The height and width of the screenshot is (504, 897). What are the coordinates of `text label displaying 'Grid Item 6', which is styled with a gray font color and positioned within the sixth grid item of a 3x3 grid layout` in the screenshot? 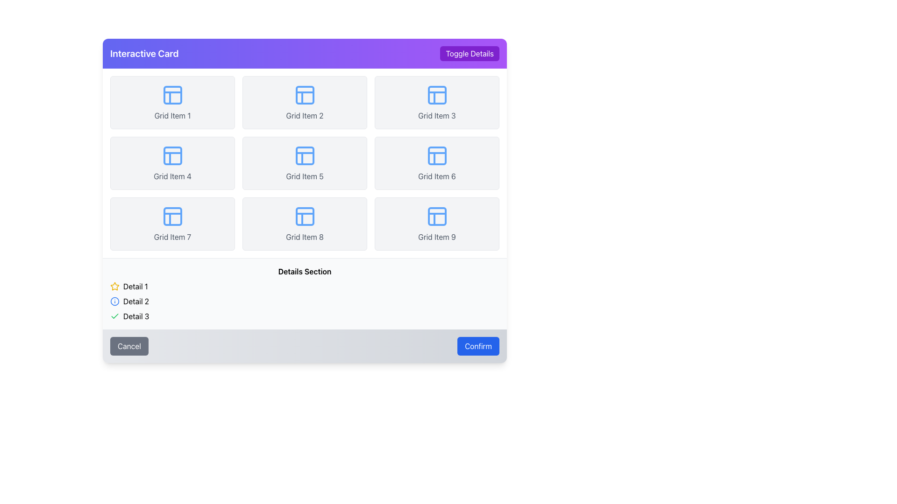 It's located at (436, 176).